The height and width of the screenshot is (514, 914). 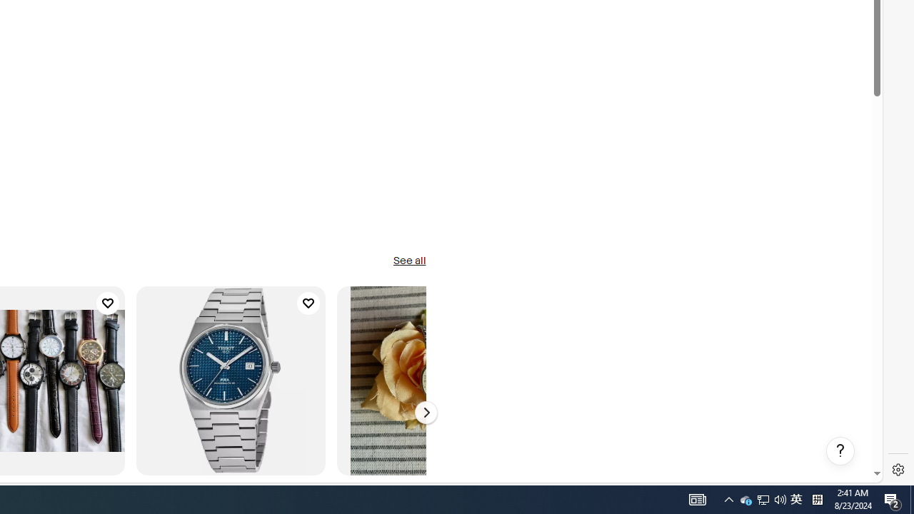 I want to click on 'See all', so click(x=408, y=261).